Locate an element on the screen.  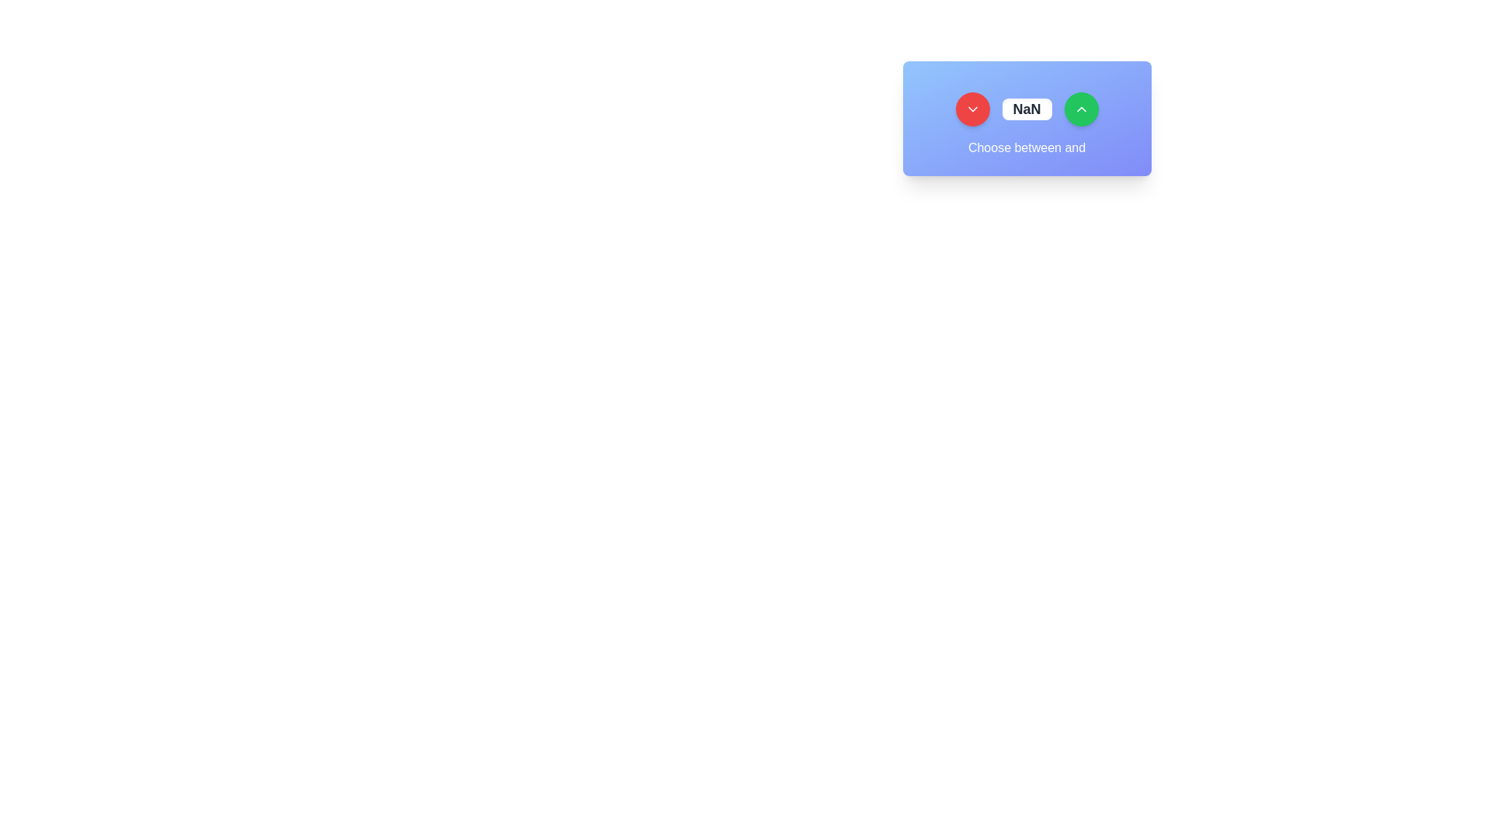
the decrement button located to the left of the numeric input box labeled 'NaN' is located at coordinates (971, 109).